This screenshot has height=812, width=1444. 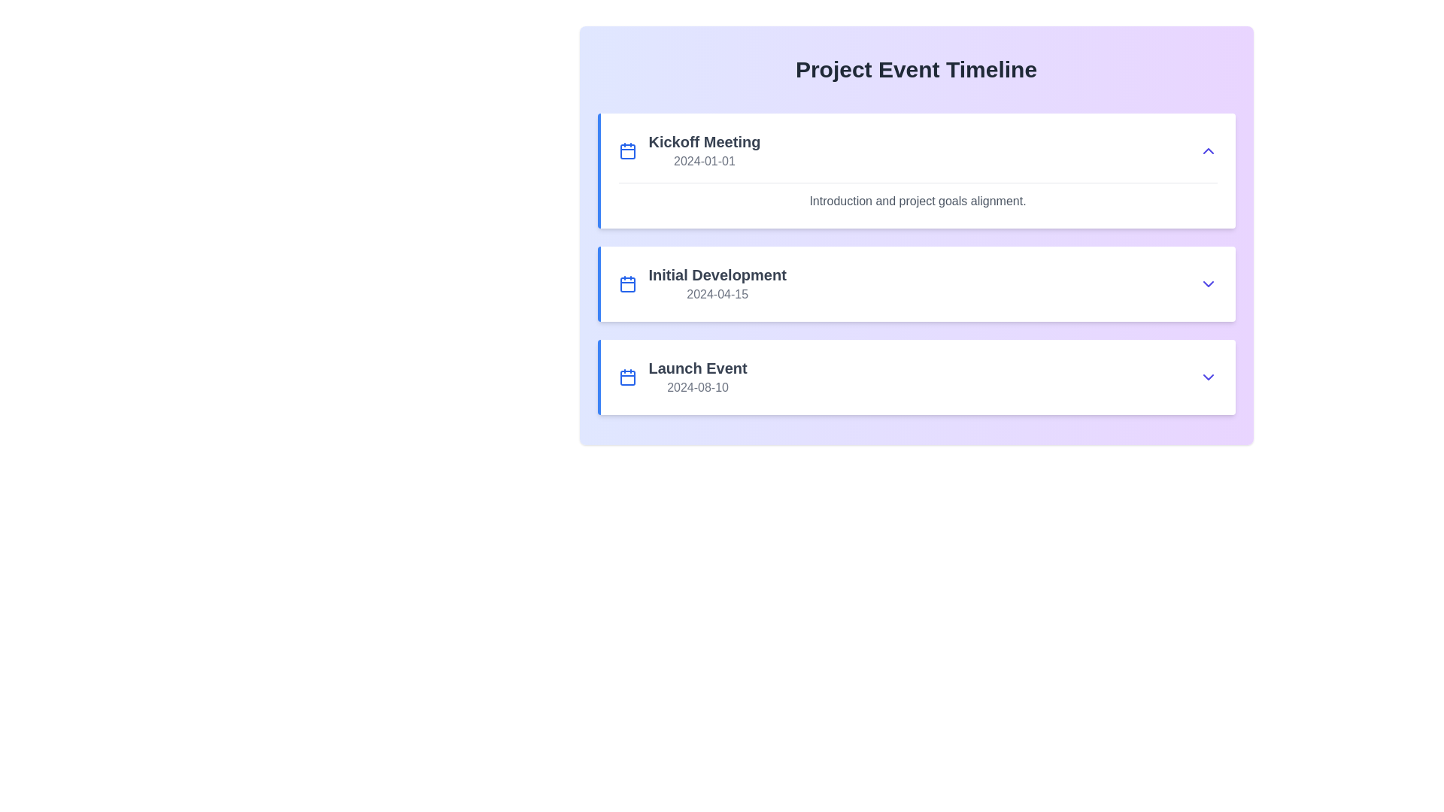 I want to click on the toggle button (chevron) located at the lower right of the 'Launch Event' row, so click(x=1208, y=376).